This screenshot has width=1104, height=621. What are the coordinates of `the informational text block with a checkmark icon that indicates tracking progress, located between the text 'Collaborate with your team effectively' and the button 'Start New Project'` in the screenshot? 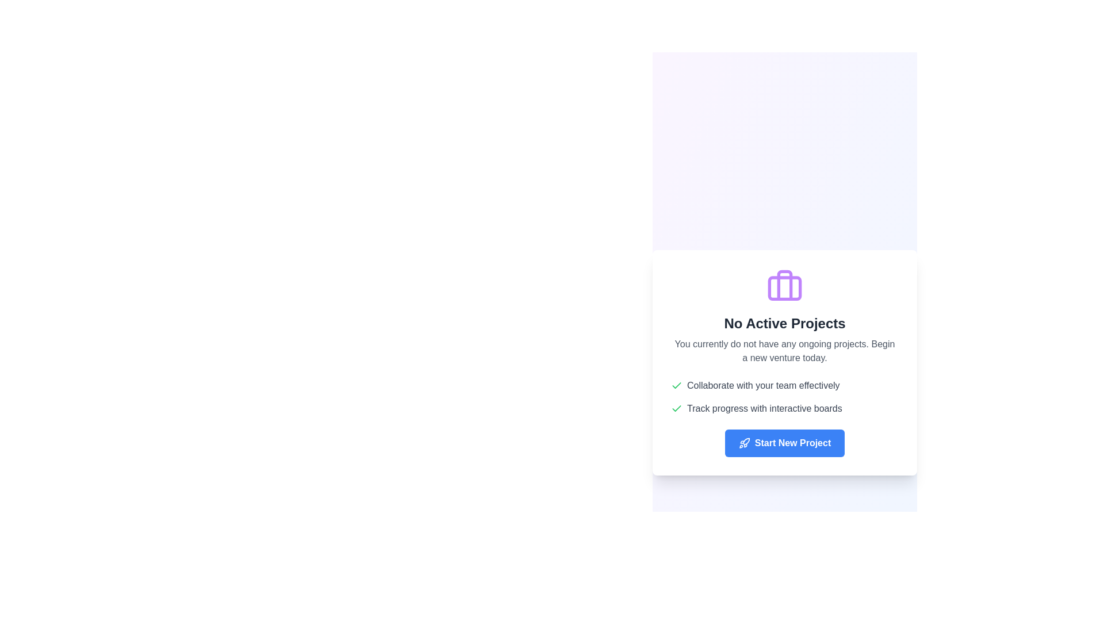 It's located at (784, 408).